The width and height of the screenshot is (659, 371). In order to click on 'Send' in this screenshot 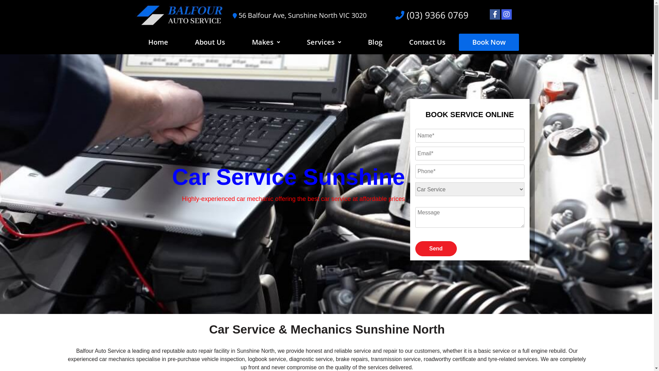, I will do `click(436, 249)`.